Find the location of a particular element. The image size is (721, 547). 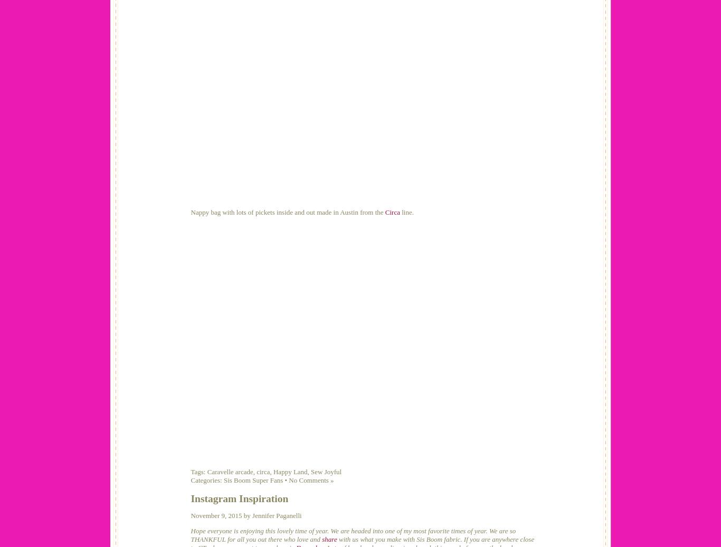

'Sis Boom Super Fans' is located at coordinates (253, 479).